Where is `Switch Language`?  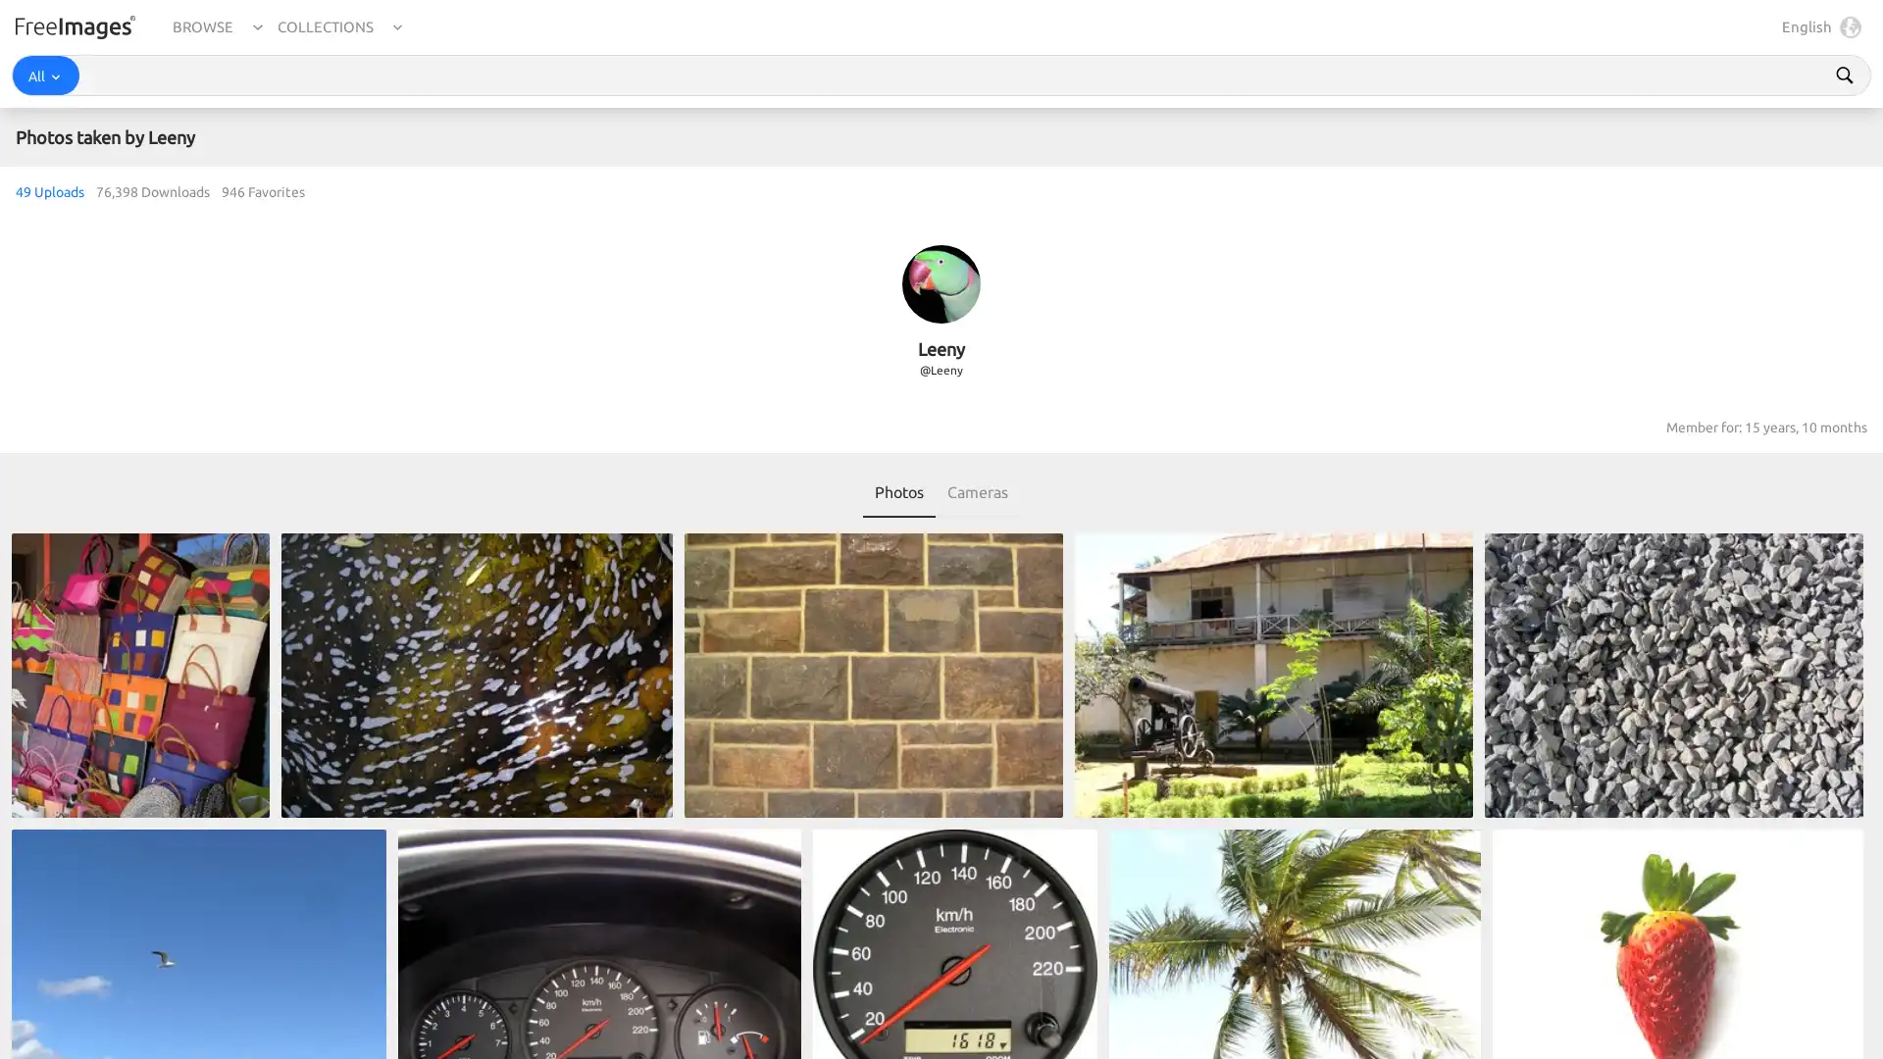
Switch Language is located at coordinates (1845, 26).